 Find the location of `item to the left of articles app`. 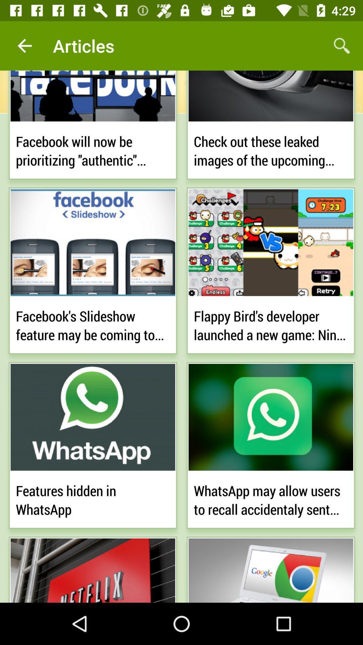

item to the left of articles app is located at coordinates (24, 45).